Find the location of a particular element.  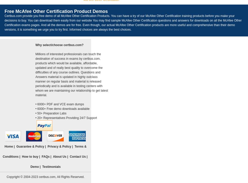

'About Us' is located at coordinates (59, 157).